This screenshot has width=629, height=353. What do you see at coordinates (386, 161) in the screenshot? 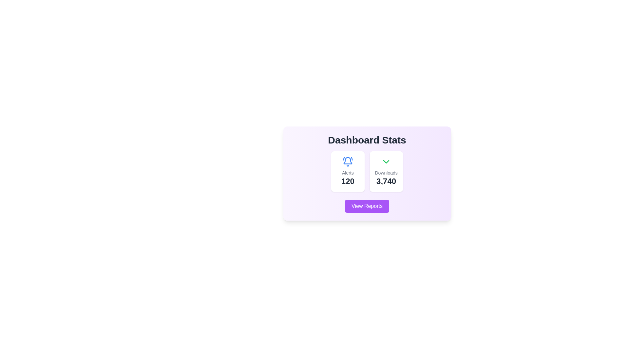
I see `the chevron indicator above the 'Downloads' label in the right-hand card for accessibility navigation` at bounding box center [386, 161].